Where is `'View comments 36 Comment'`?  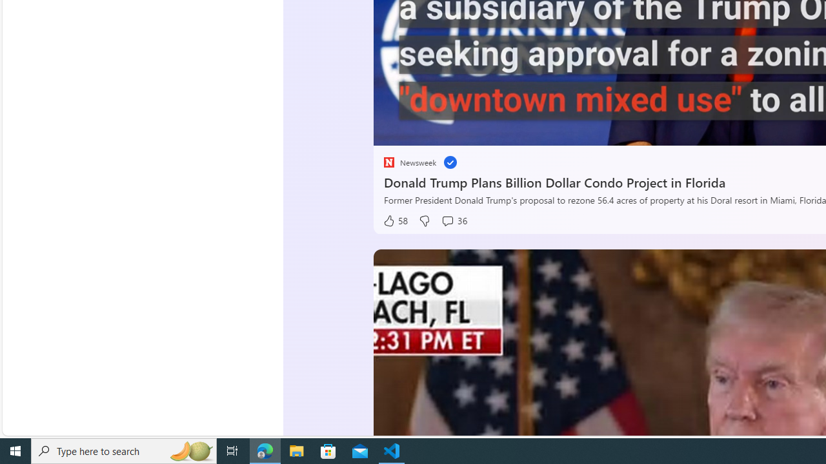 'View comments 36 Comment' is located at coordinates (454, 220).